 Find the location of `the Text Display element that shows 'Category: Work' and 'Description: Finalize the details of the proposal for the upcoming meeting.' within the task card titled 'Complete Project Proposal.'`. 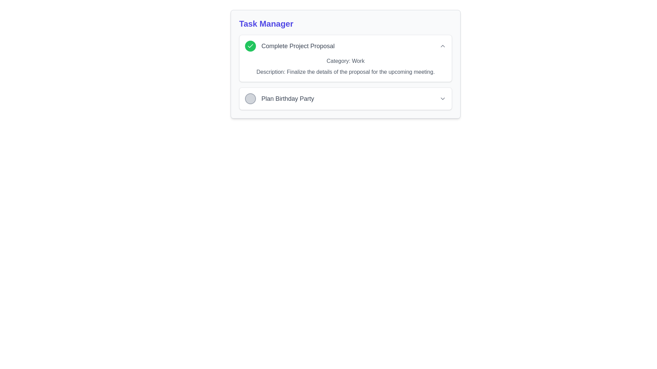

the Text Display element that shows 'Category: Work' and 'Description: Finalize the details of the proposal for the upcoming meeting.' within the task card titled 'Complete Project Proposal.' is located at coordinates (345, 67).